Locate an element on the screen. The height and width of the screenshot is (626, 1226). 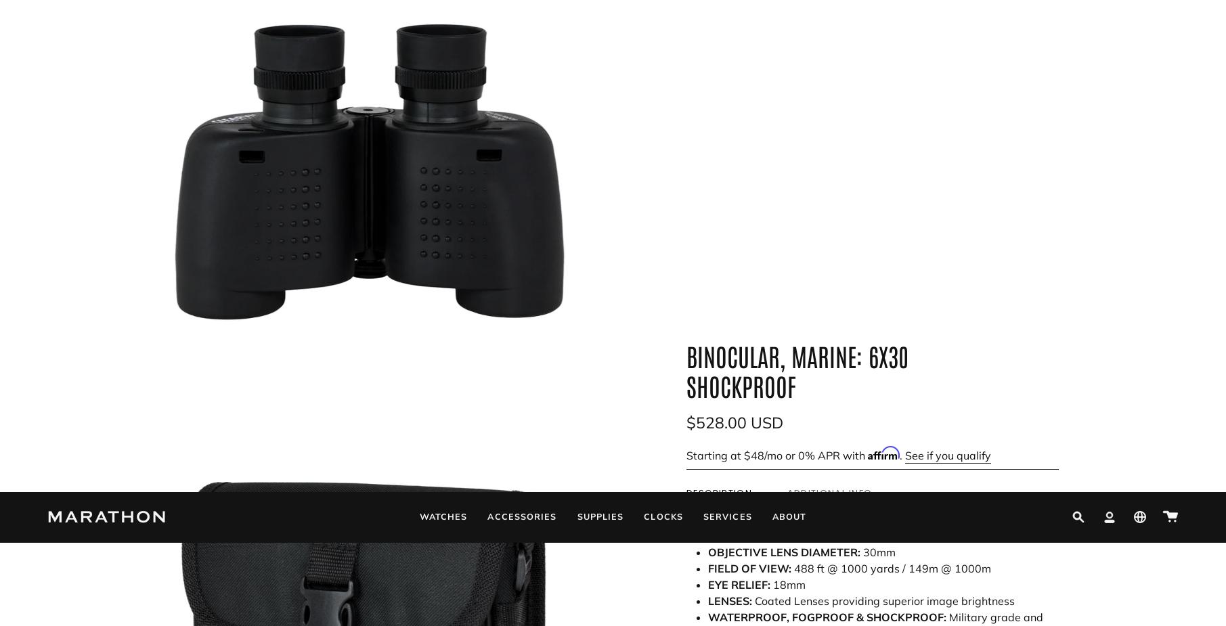
'Returns' is located at coordinates (67, 495).